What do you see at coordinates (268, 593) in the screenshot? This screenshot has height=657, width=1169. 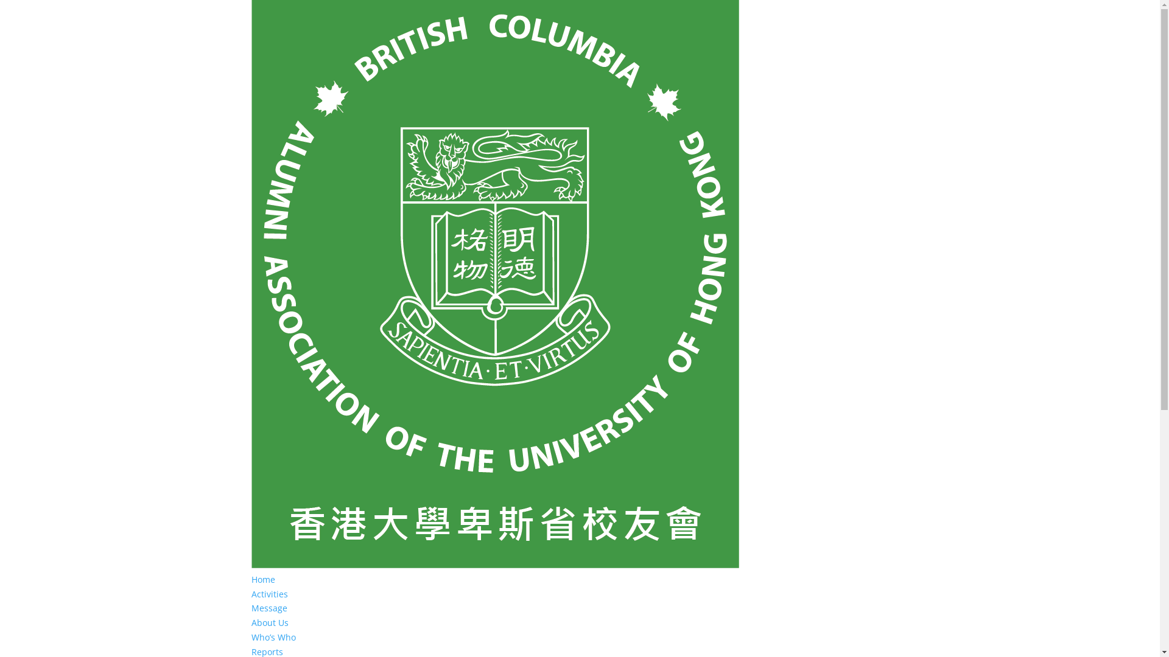 I see `'Activities'` at bounding box center [268, 593].